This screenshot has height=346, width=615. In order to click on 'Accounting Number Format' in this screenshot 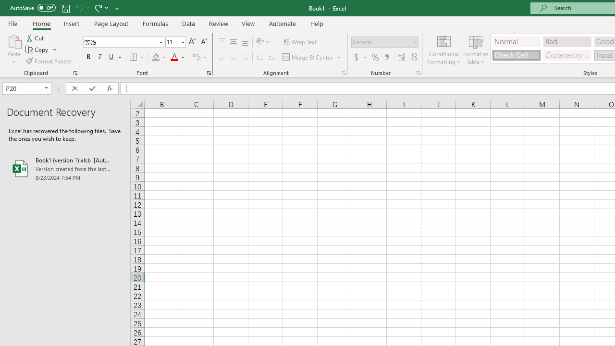, I will do `click(356, 57)`.